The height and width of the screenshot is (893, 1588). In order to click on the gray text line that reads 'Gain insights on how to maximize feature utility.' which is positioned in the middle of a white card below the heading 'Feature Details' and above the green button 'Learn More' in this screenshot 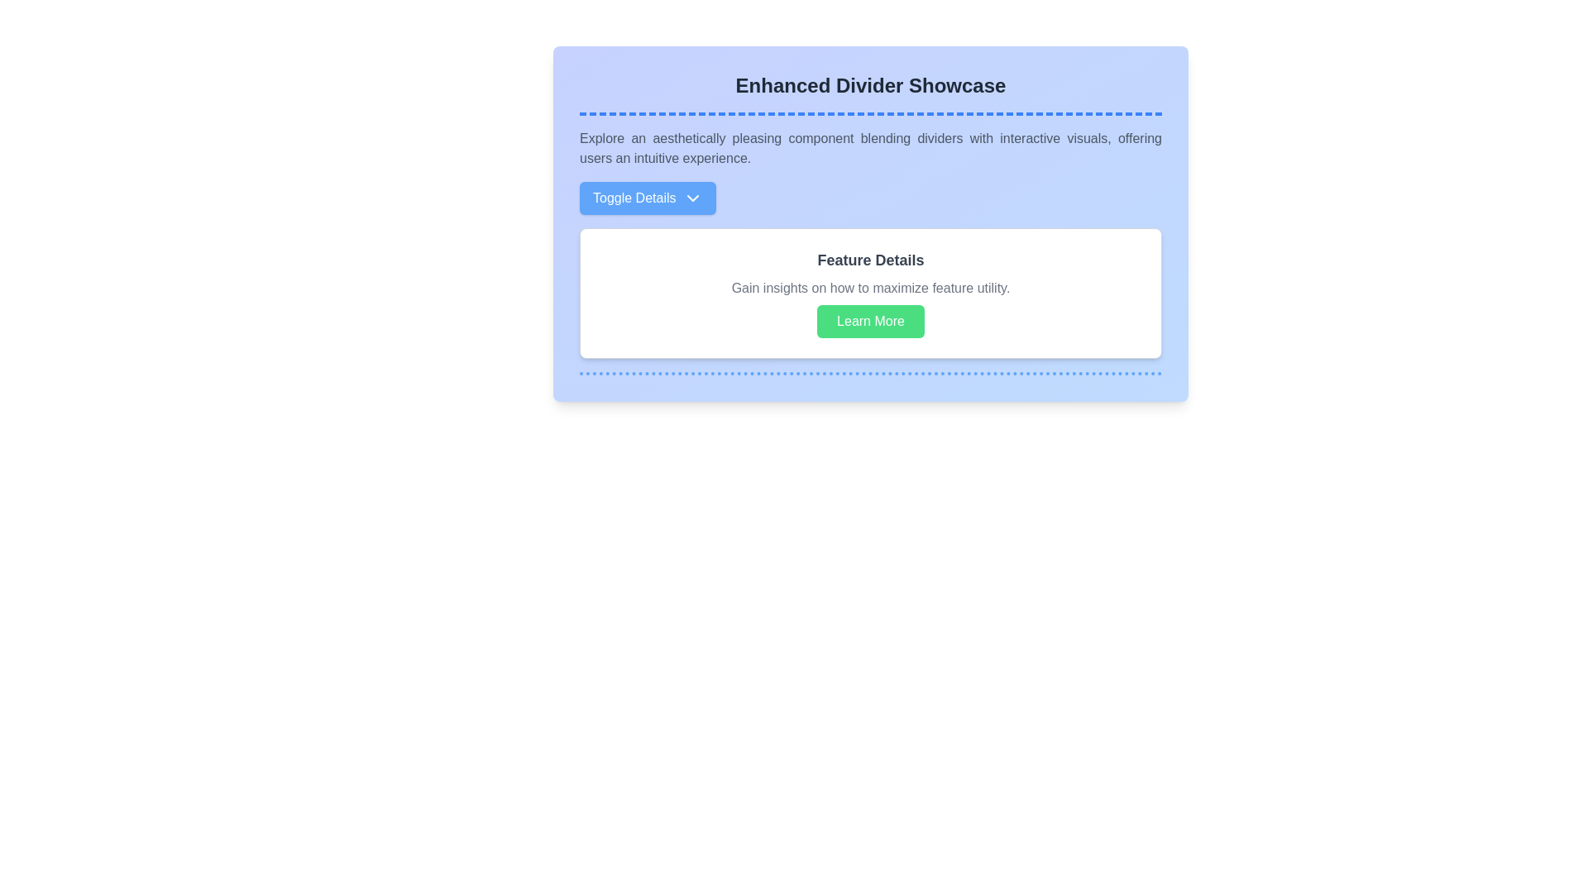, I will do `click(869, 287)`.